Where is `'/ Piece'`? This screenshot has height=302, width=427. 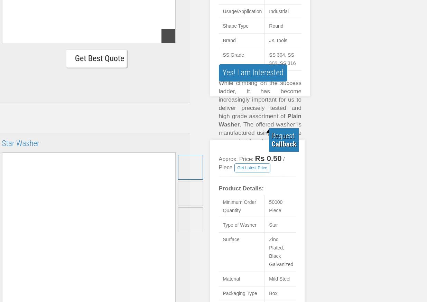 '/ Piece' is located at coordinates (251, 163).